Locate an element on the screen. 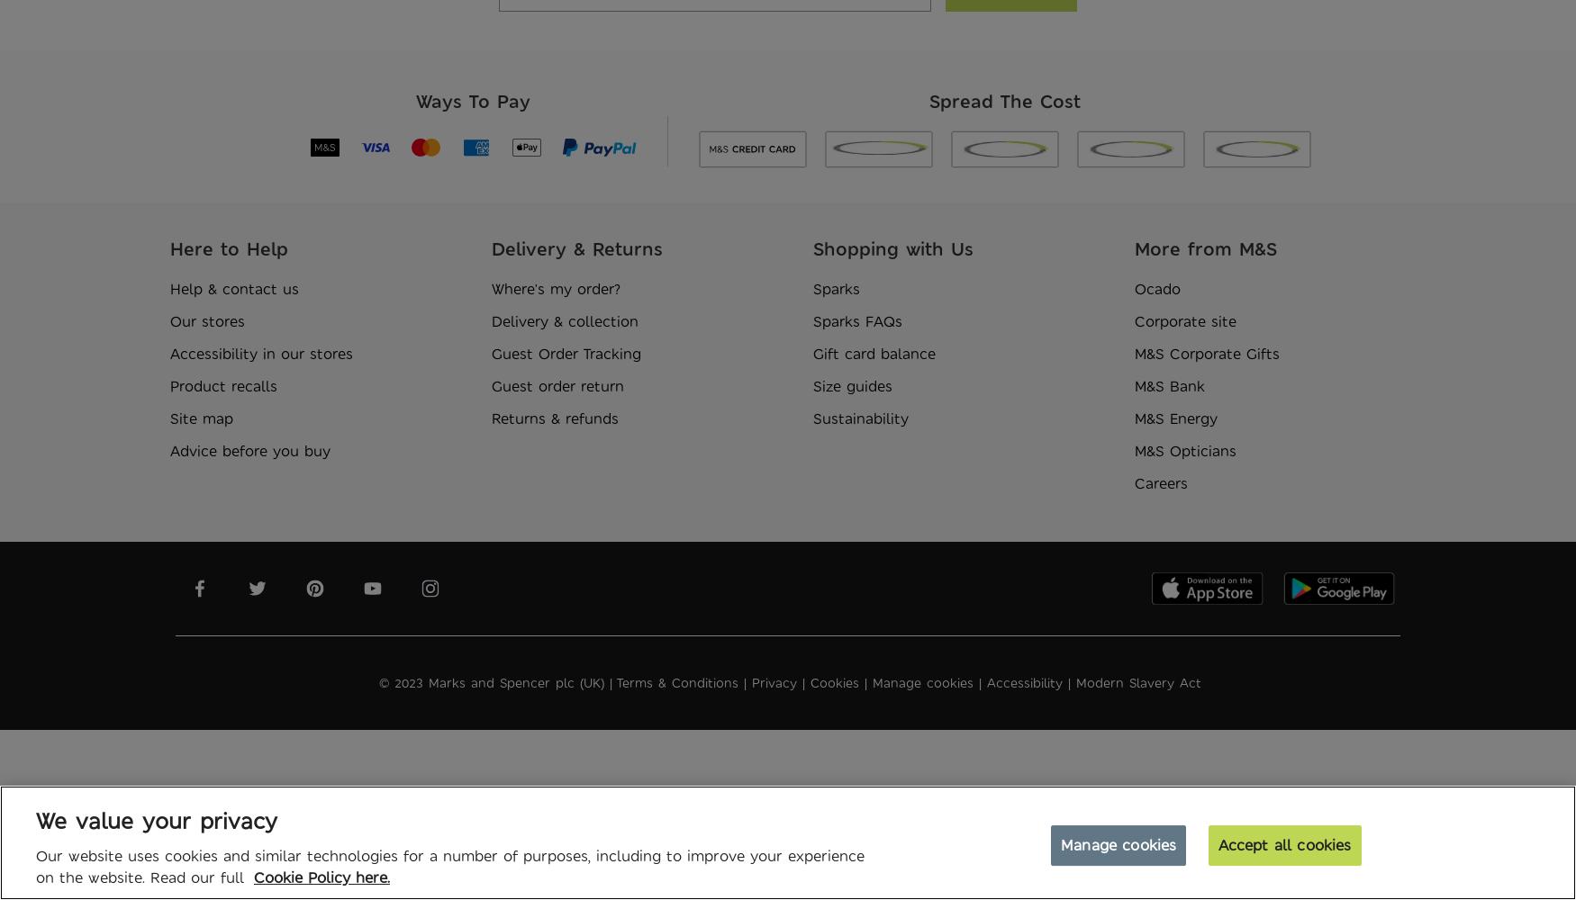  'M&S Opticians' is located at coordinates (1185, 451).